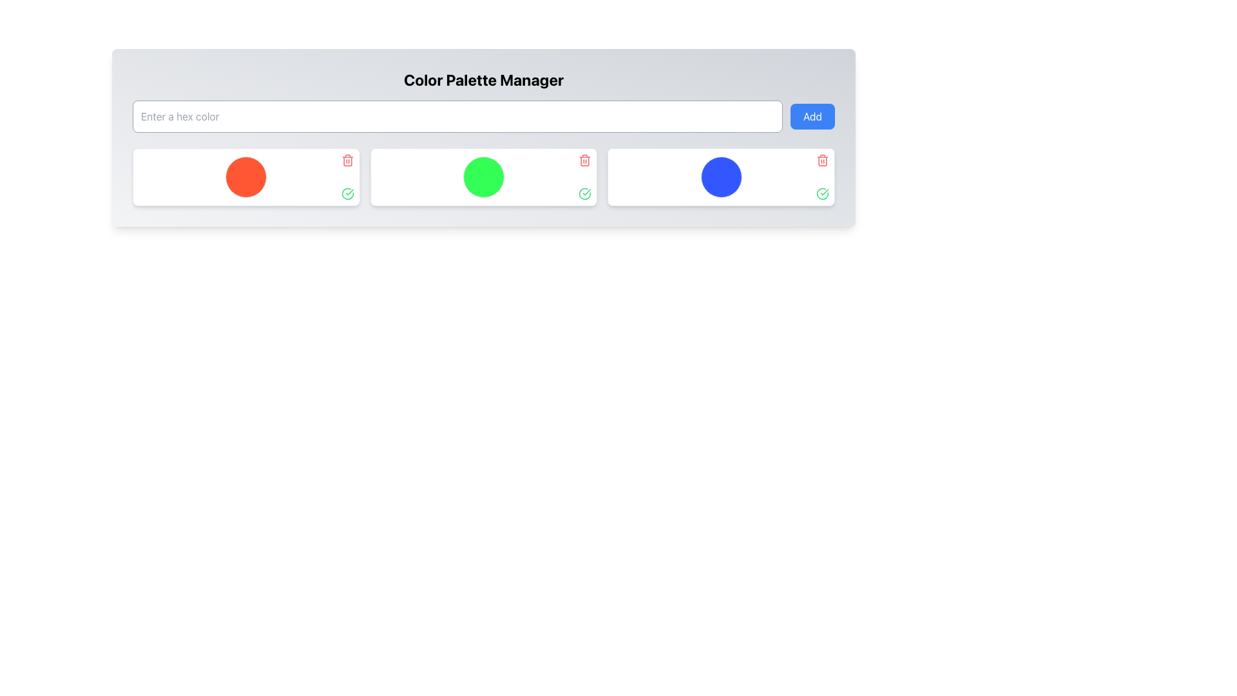 This screenshot has width=1237, height=696. Describe the element at coordinates (483, 79) in the screenshot. I see `the bold text label 'Color Palette Manager' which is prominently positioned at the top of the interface` at that location.